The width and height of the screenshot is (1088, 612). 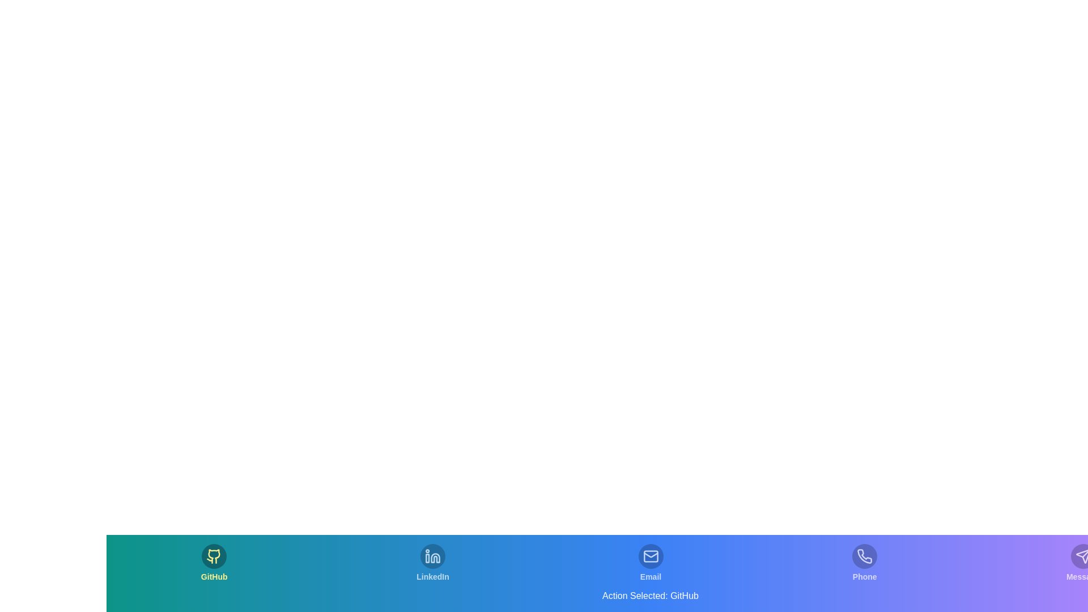 I want to click on the tab labeled Phone to switch to that section, so click(x=864, y=563).